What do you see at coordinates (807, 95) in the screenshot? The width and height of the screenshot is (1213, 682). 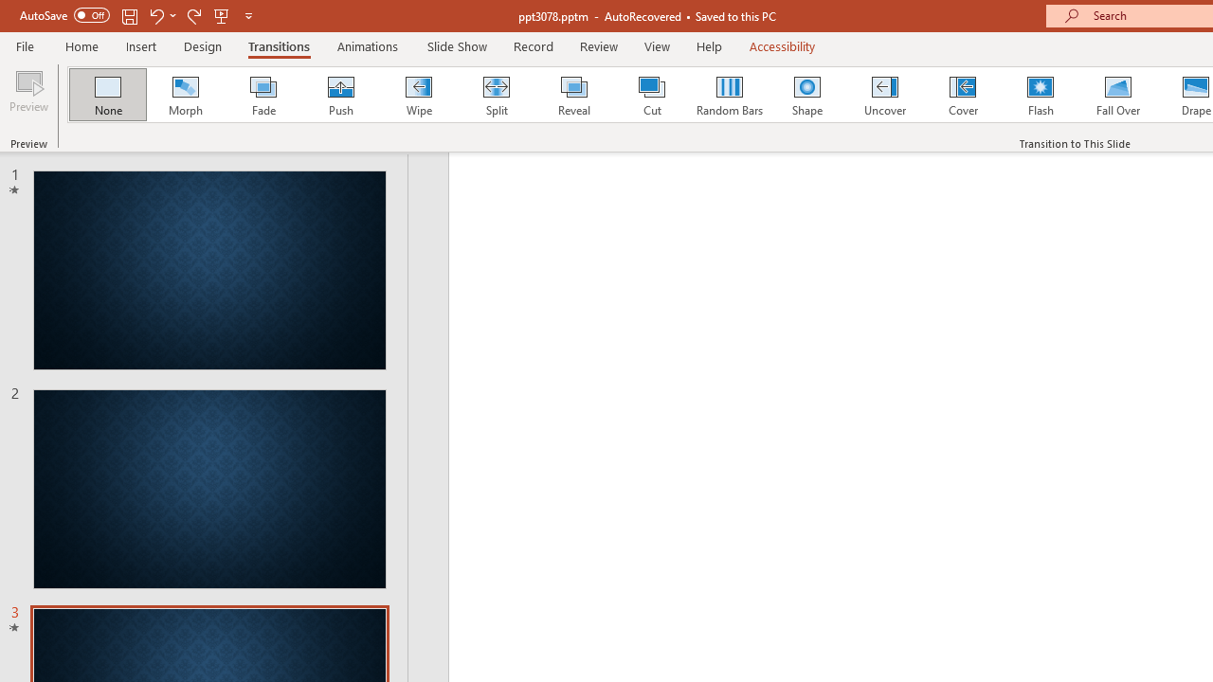 I see `'Shape'` at bounding box center [807, 95].